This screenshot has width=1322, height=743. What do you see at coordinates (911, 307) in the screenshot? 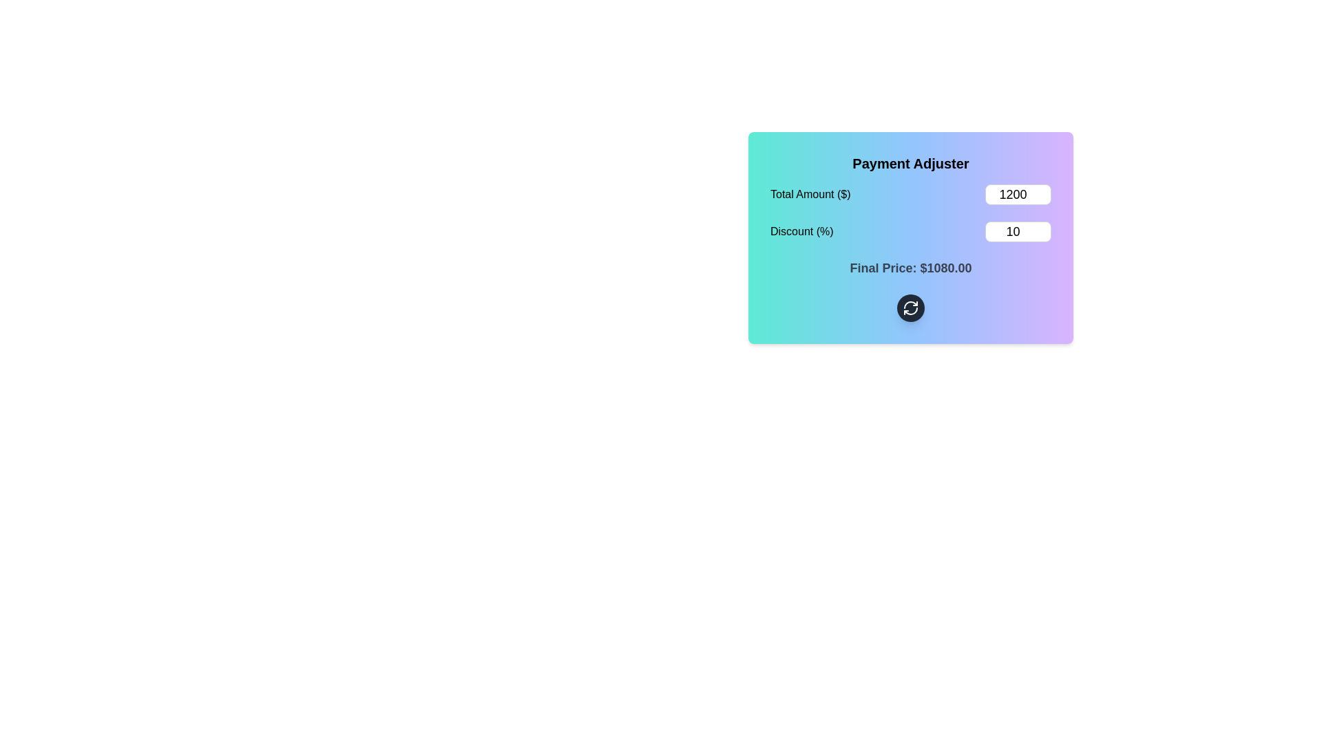
I see `the circular refresh button with a dark background and white refresh icon located at the bottom center of the card interface to observe hover effects` at bounding box center [911, 307].